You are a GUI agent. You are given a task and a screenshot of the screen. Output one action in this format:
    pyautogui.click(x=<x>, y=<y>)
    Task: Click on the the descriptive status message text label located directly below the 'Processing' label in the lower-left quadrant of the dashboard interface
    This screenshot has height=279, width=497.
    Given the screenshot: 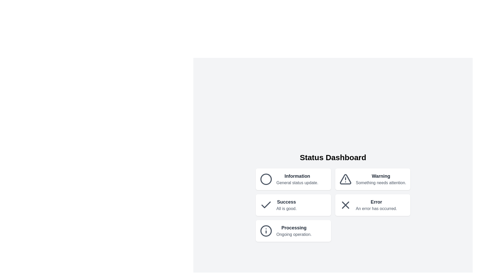 What is the action you would take?
    pyautogui.click(x=294, y=234)
    